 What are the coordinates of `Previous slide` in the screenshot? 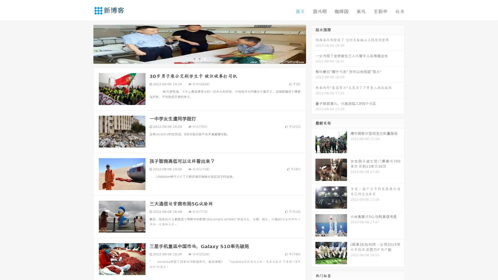 It's located at (86, 44).